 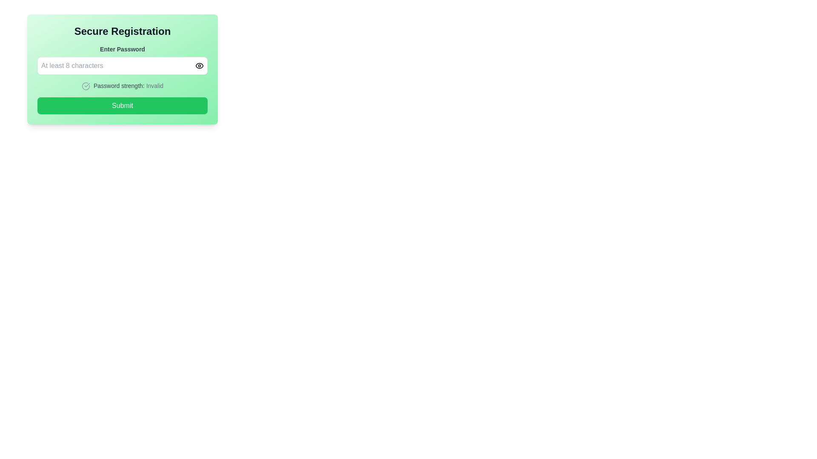 What do you see at coordinates (122, 49) in the screenshot?
I see `the instructional text label for the password input field, which is centrally positioned above the white input field with the placeholder 'At least 8 characters'` at bounding box center [122, 49].